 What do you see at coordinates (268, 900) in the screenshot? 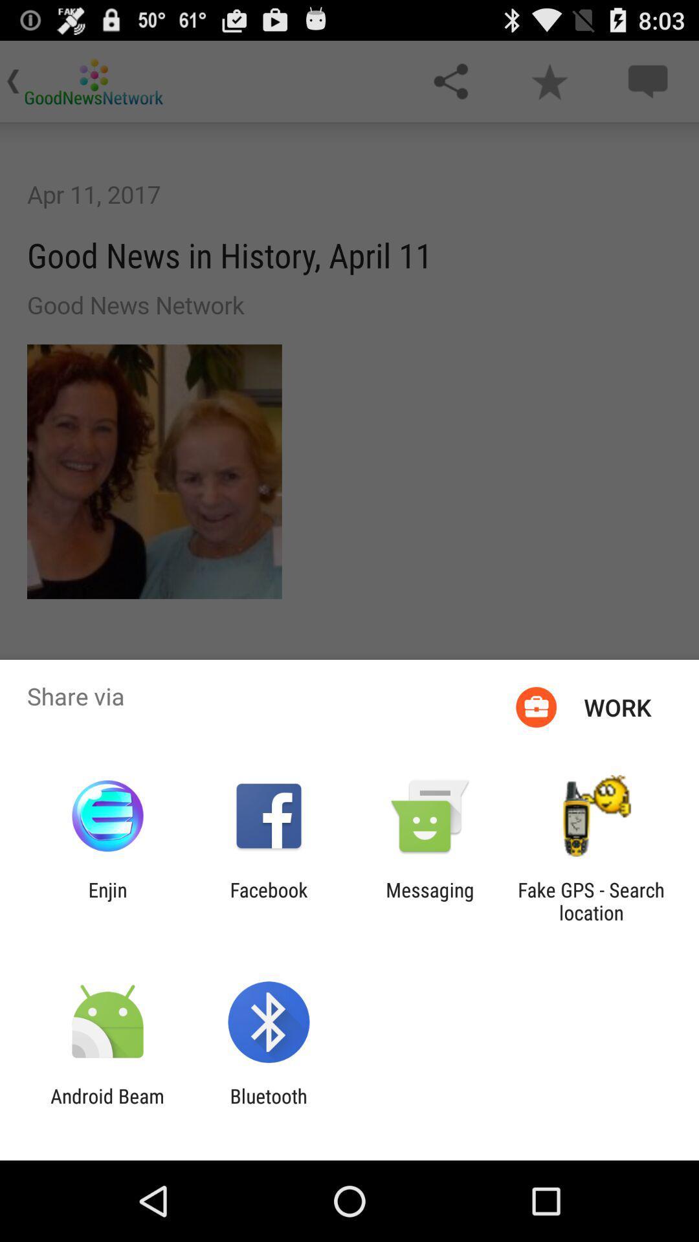
I see `the facebook item` at bounding box center [268, 900].